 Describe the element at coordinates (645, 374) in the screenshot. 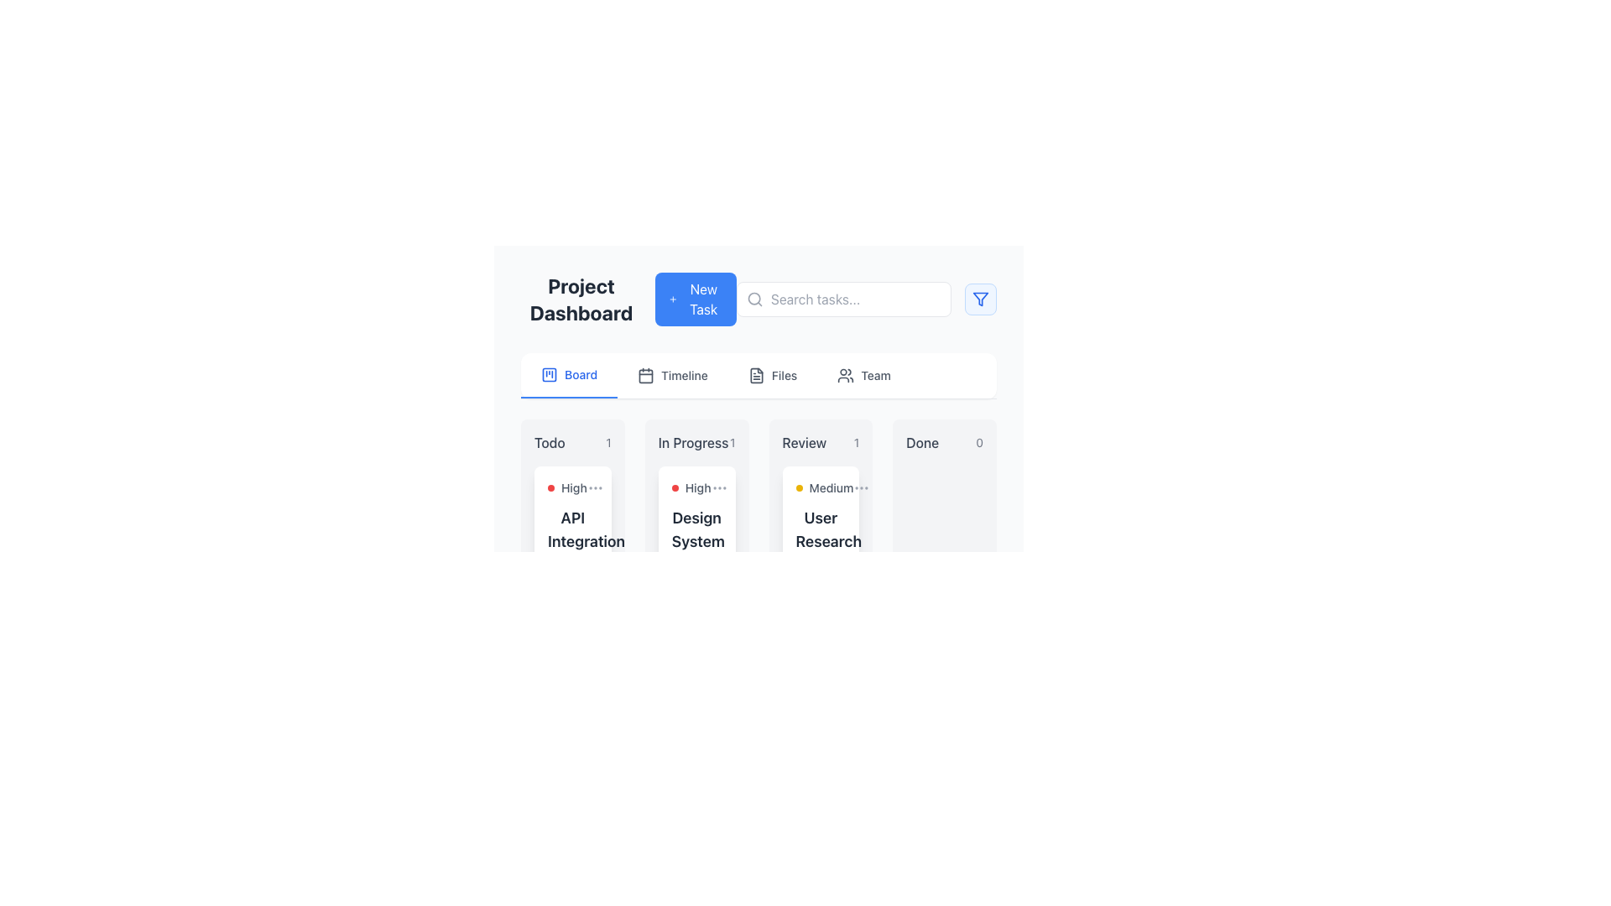

I see `the 'Timeline' icon located in the navigation bar below the header` at that location.